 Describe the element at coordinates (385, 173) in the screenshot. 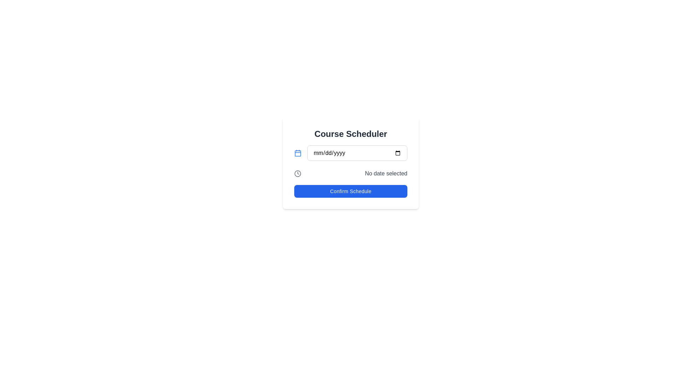

I see `the static text label indicating no date has been chosen in the scheduling form, located to the right of the clock icon` at that location.